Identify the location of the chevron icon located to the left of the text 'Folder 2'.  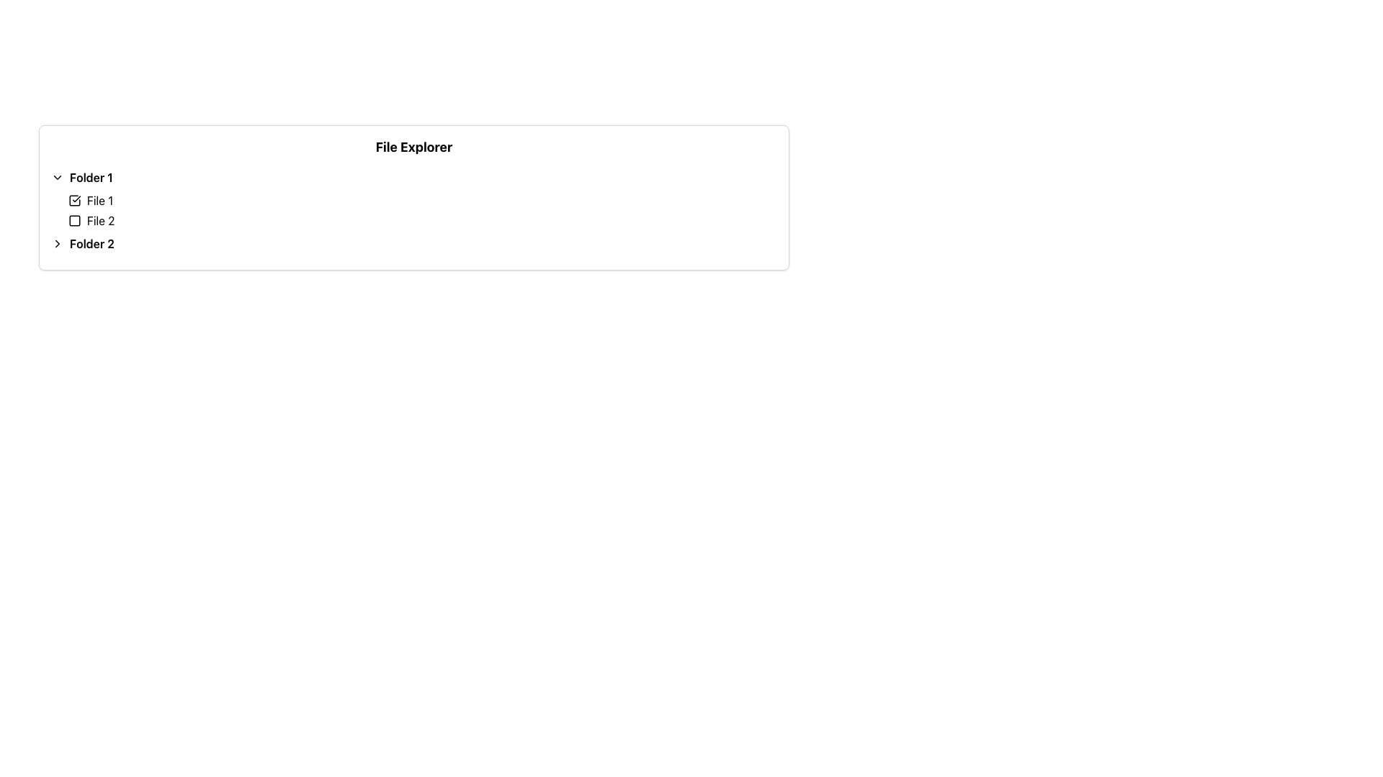
(58, 243).